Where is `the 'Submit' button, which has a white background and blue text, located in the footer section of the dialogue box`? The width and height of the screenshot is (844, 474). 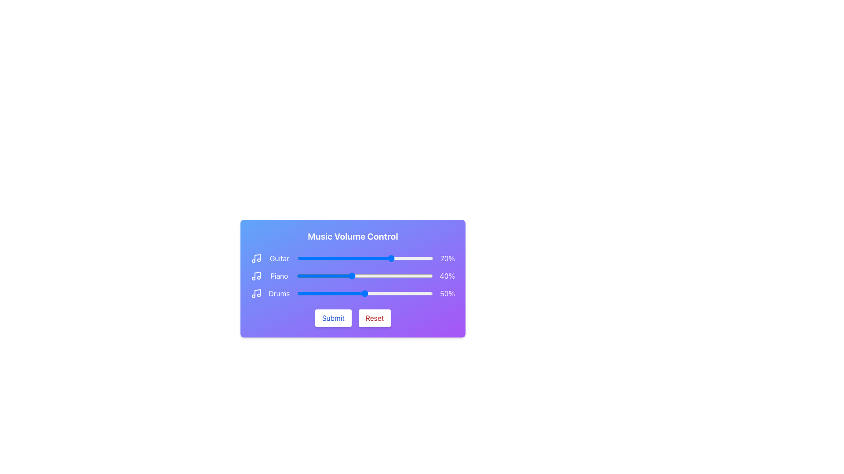
the 'Submit' button, which has a white background and blue text, located in the footer section of the dialogue box is located at coordinates (333, 318).